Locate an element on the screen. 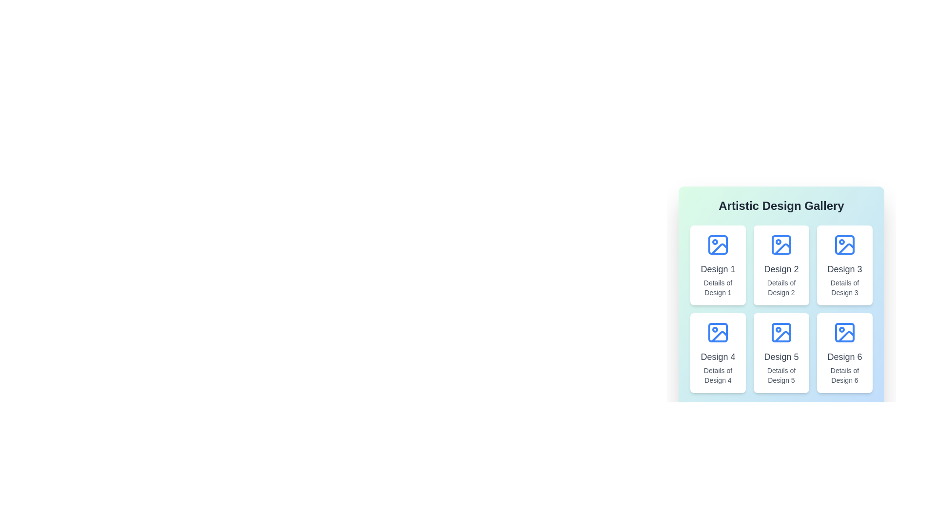 The image size is (936, 526). the minimalist image symbol icon with a bright blue color located in the bottom-right card of the 'Artistic Design Gallery' panel, labeled 'Design 6' is located at coordinates (844, 332).